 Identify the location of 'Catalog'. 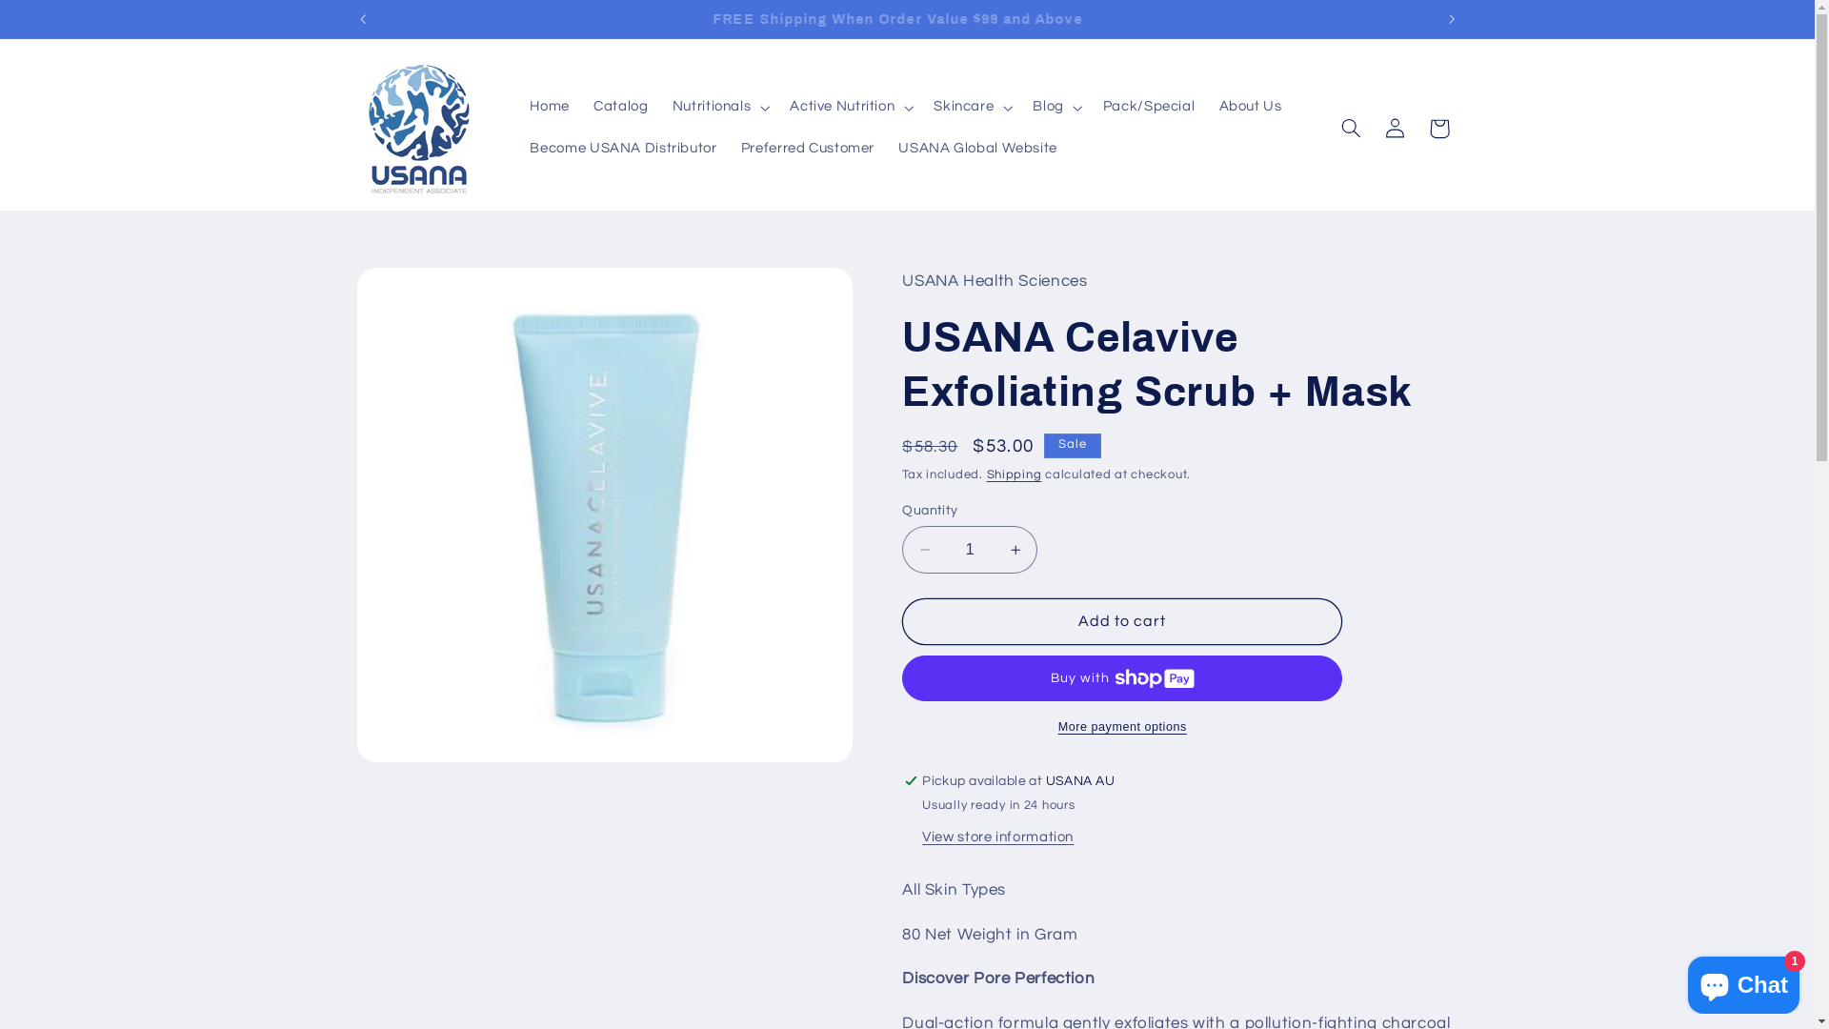
(621, 107).